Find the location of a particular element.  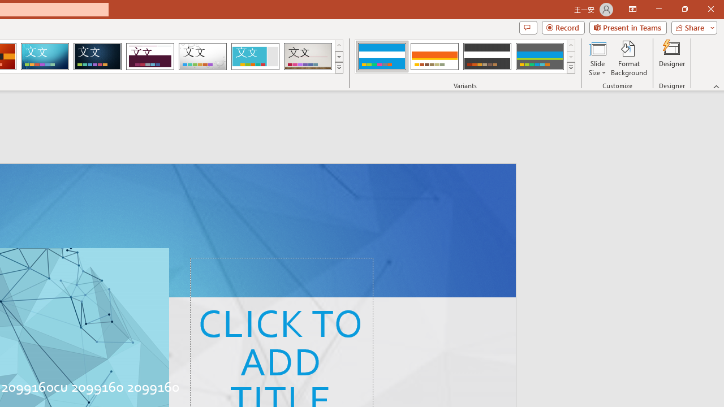

'Banded Variant 3' is located at coordinates (487, 57).